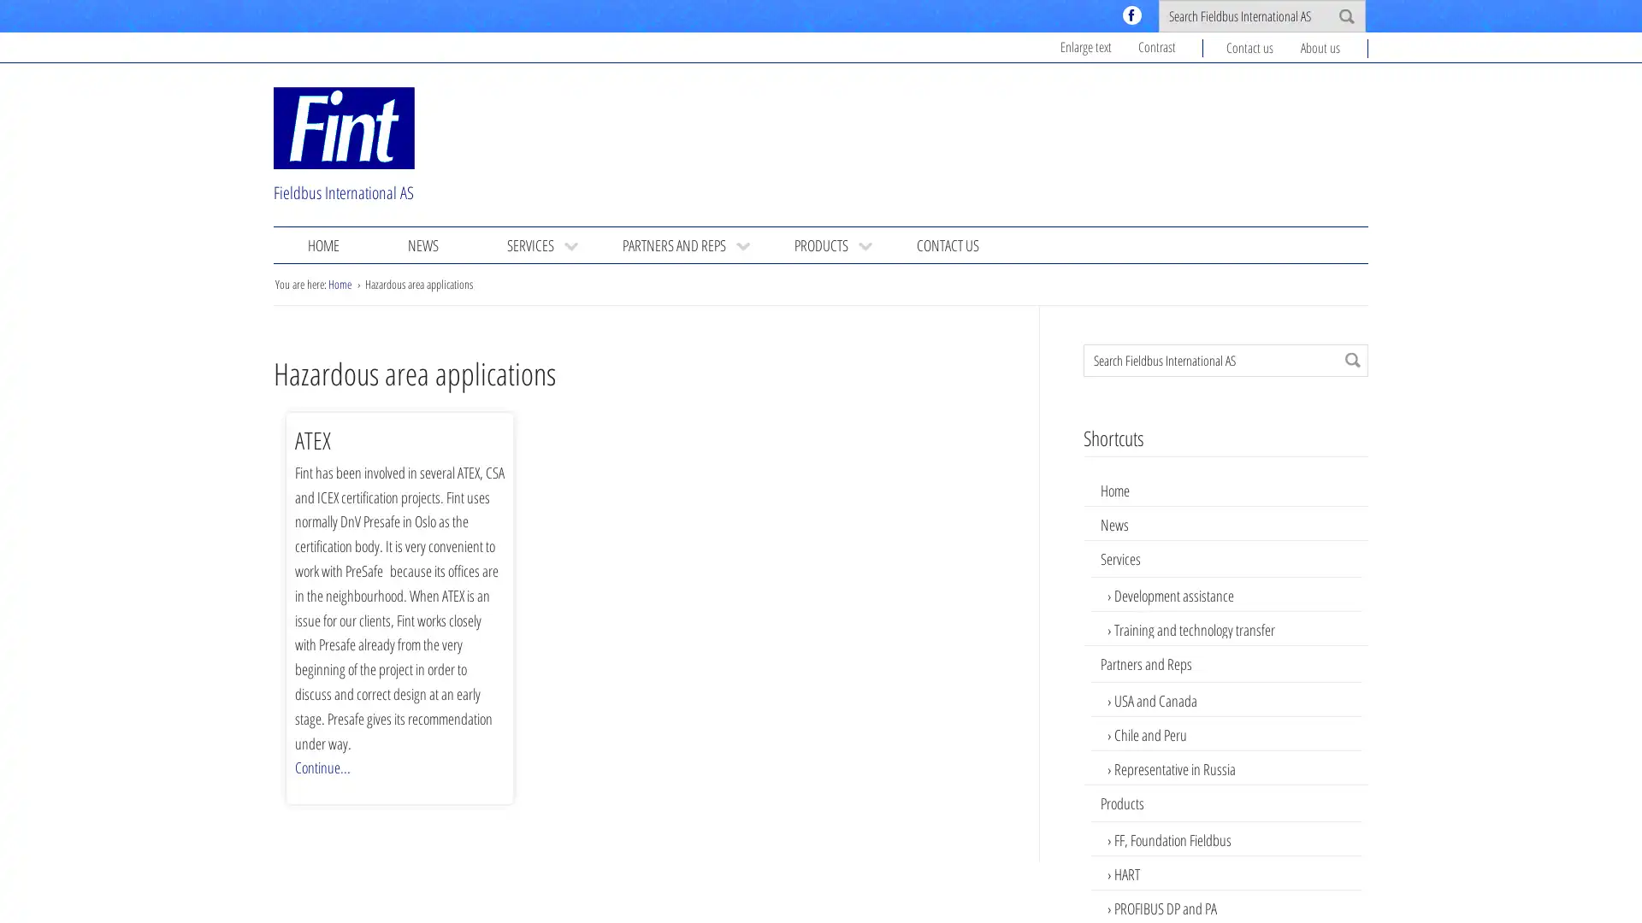  I want to click on Search, so click(1345, 16).